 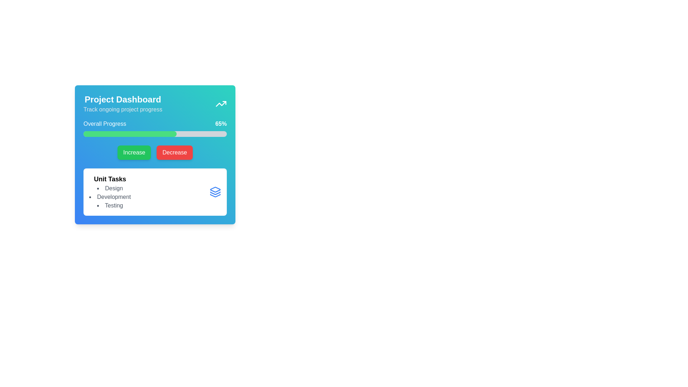 I want to click on the first list item under 'Unit Tasks' to associate it with its bullet point, so click(x=110, y=188).